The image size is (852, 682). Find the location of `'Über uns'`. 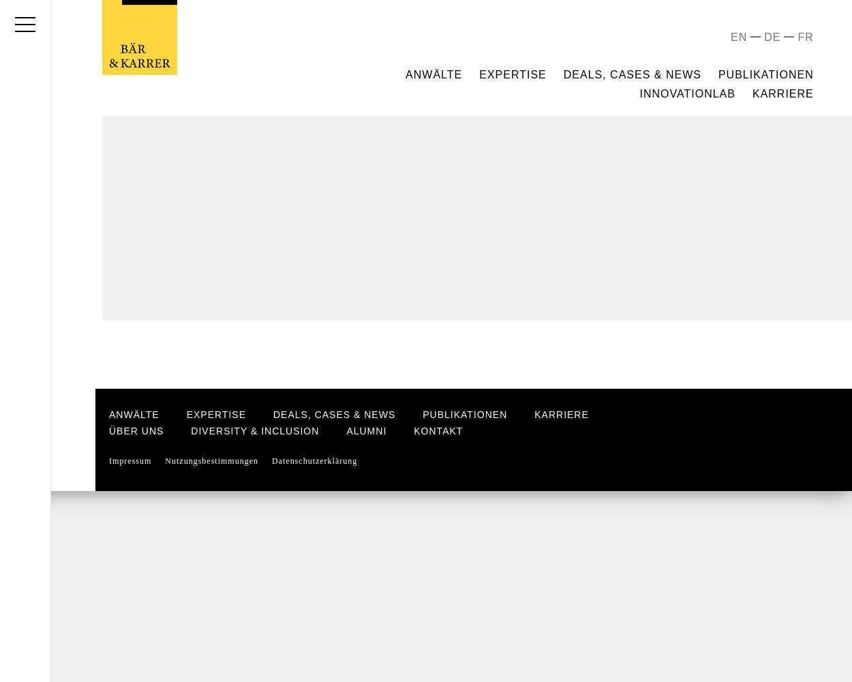

'Über uns' is located at coordinates (136, 431).